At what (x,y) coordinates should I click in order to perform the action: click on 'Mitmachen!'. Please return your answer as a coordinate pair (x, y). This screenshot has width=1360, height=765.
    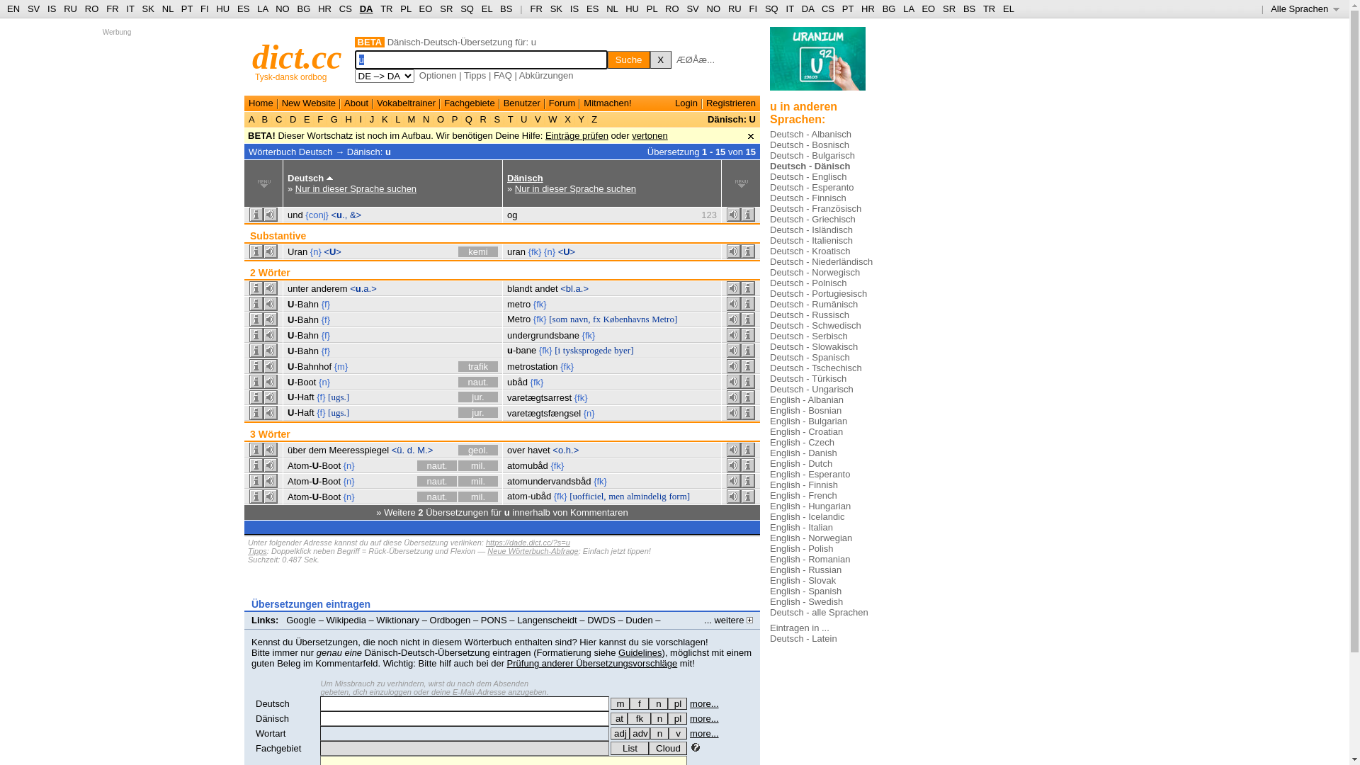
    Looking at the image, I should click on (607, 102).